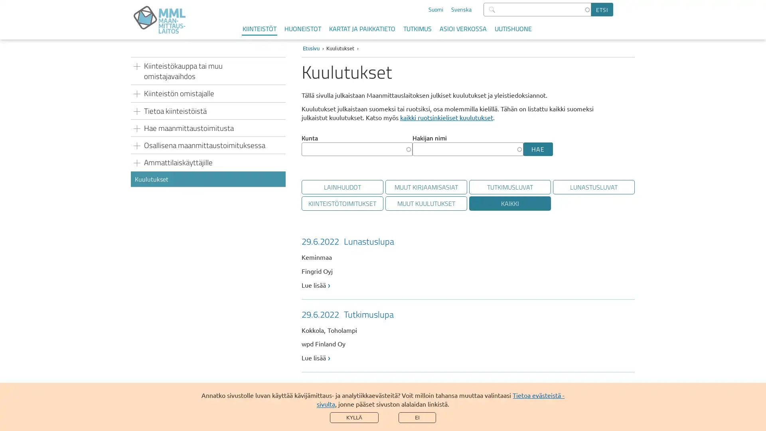  What do you see at coordinates (538, 149) in the screenshot?
I see `Hae` at bounding box center [538, 149].